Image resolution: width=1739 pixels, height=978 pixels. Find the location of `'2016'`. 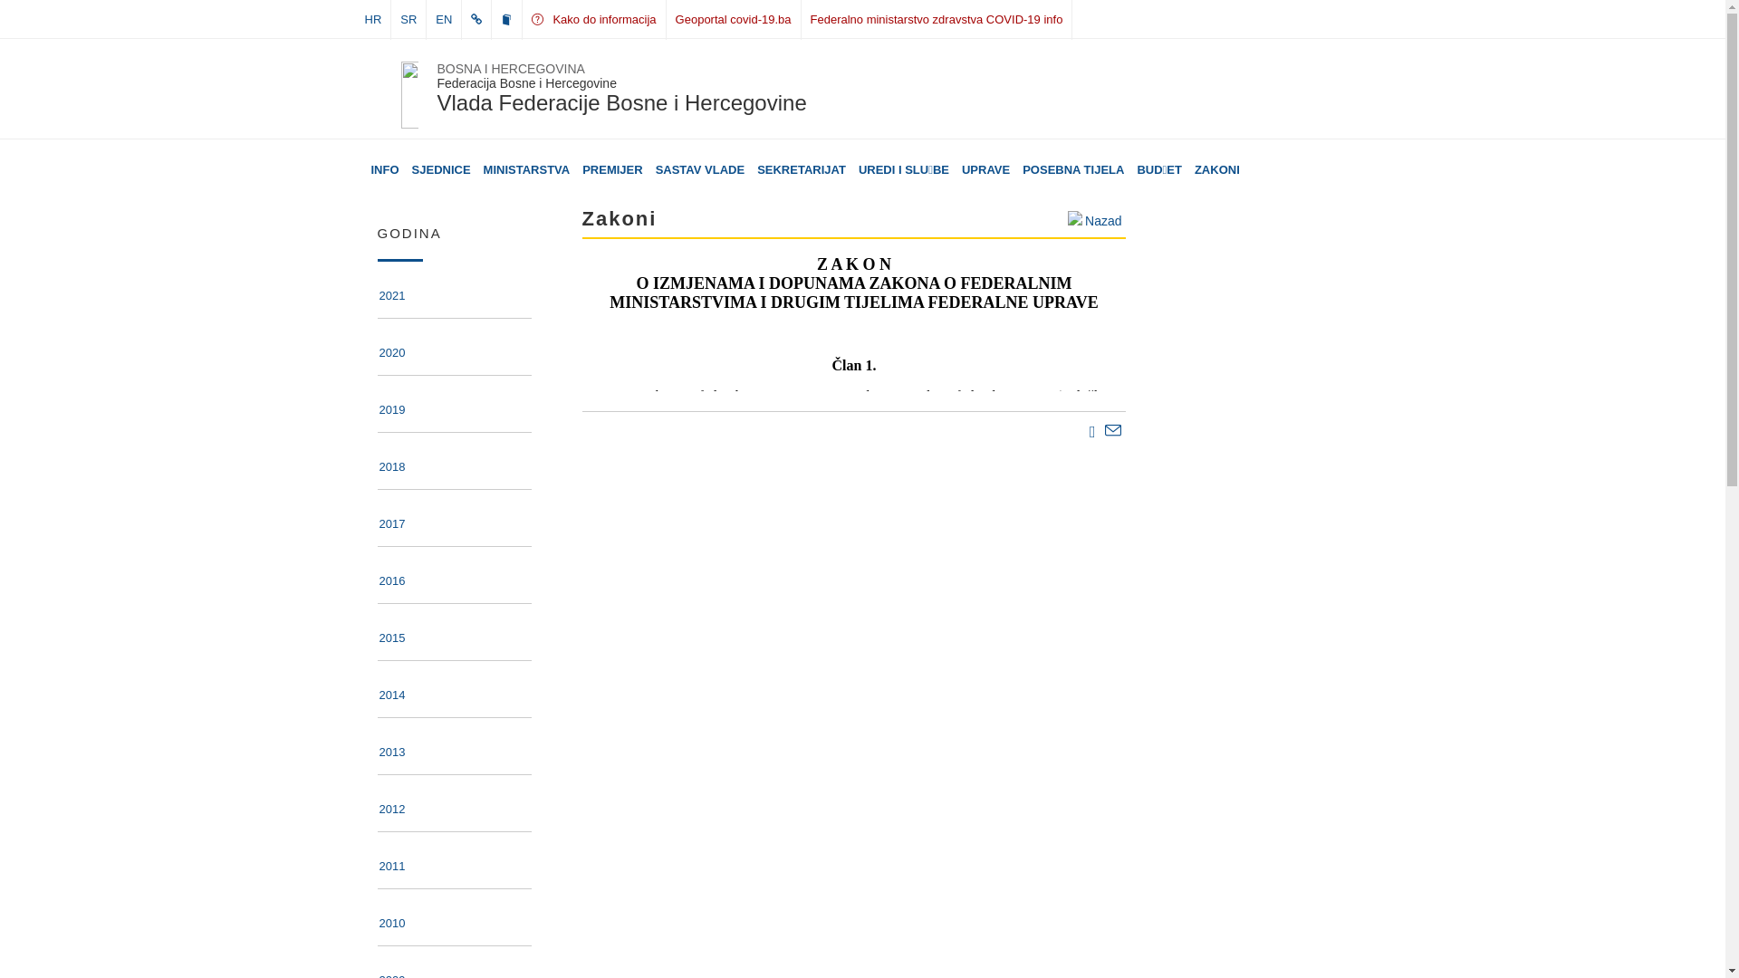

'2016' is located at coordinates (390, 583).